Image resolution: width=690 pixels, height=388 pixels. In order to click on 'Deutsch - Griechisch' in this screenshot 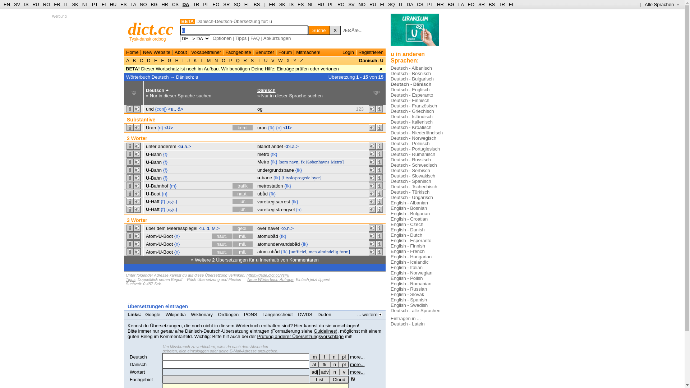, I will do `click(412, 111)`.